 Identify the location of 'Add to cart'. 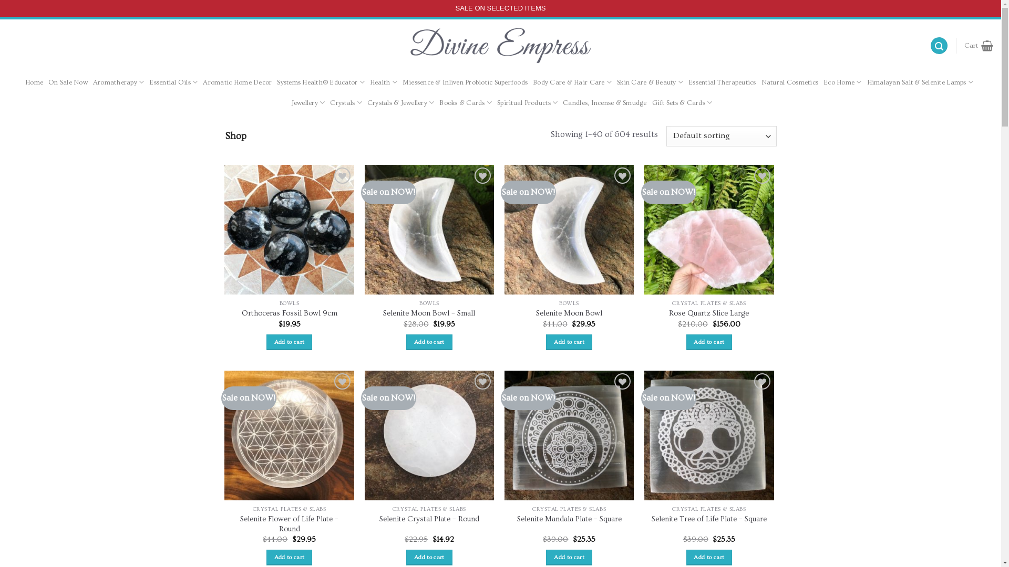
(289, 342).